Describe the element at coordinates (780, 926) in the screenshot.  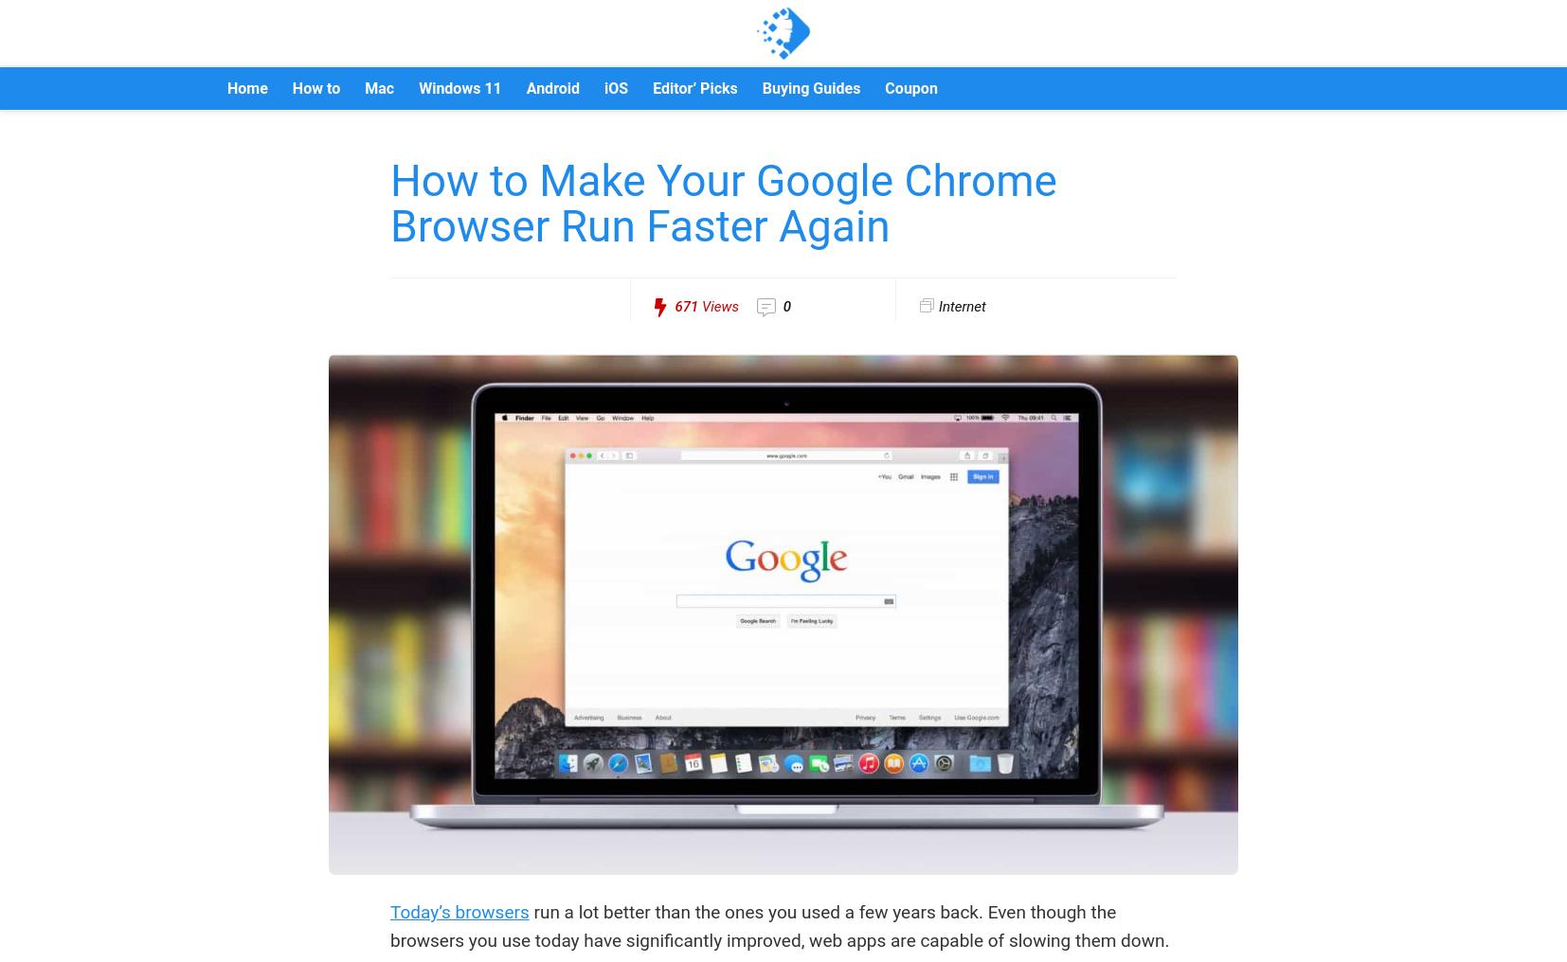
I see `'run a lot better than the ones you used a few years back. Even though the browsers you use today have significantly improved, web apps are capable of slowing them down.'` at that location.